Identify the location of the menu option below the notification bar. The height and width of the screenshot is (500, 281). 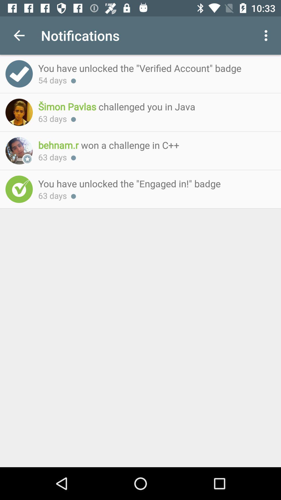
(267, 35).